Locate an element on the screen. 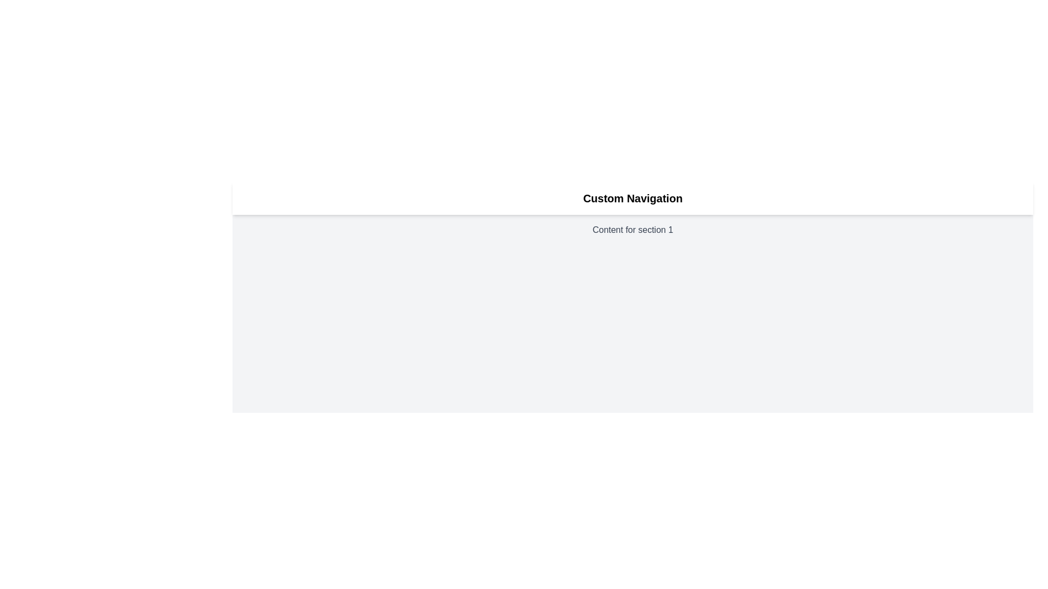 This screenshot has width=1048, height=589. text content from the Header element located at the top of the interface, which serves as a title or navigation indication above the section containing 'Content for section 1' is located at coordinates (633, 198).